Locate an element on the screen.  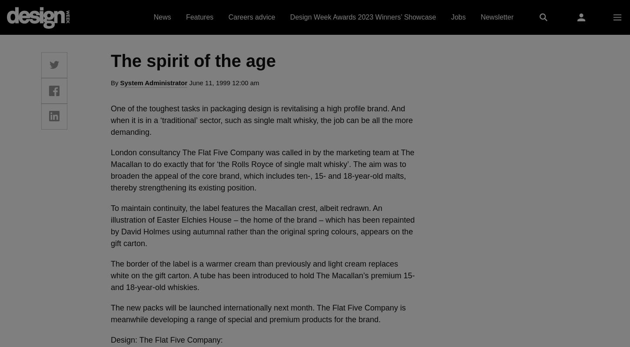
'June 11, 1999' is located at coordinates (209, 82).